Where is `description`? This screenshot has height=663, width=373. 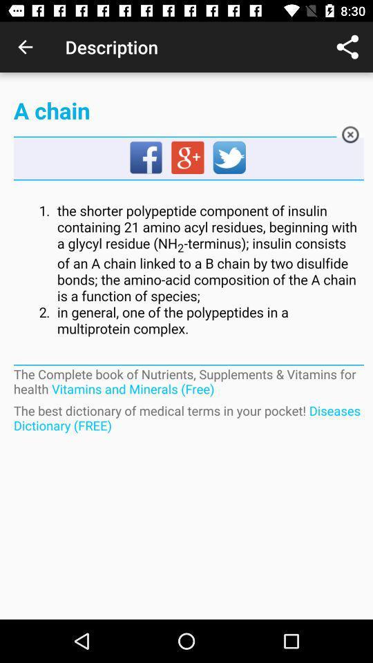
description is located at coordinates (188, 269).